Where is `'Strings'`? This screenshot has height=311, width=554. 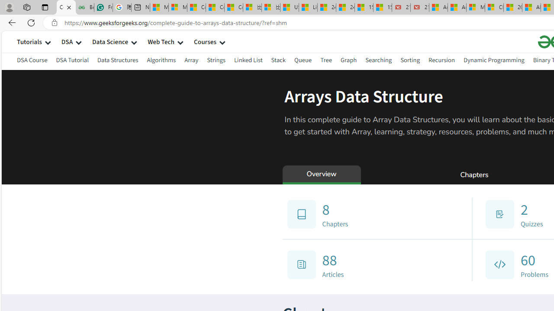 'Strings' is located at coordinates (216, 60).